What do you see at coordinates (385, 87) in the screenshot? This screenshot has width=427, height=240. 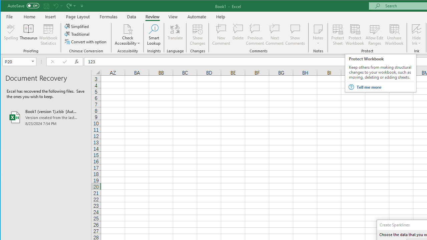 I see `'Tell me more'` at bounding box center [385, 87].